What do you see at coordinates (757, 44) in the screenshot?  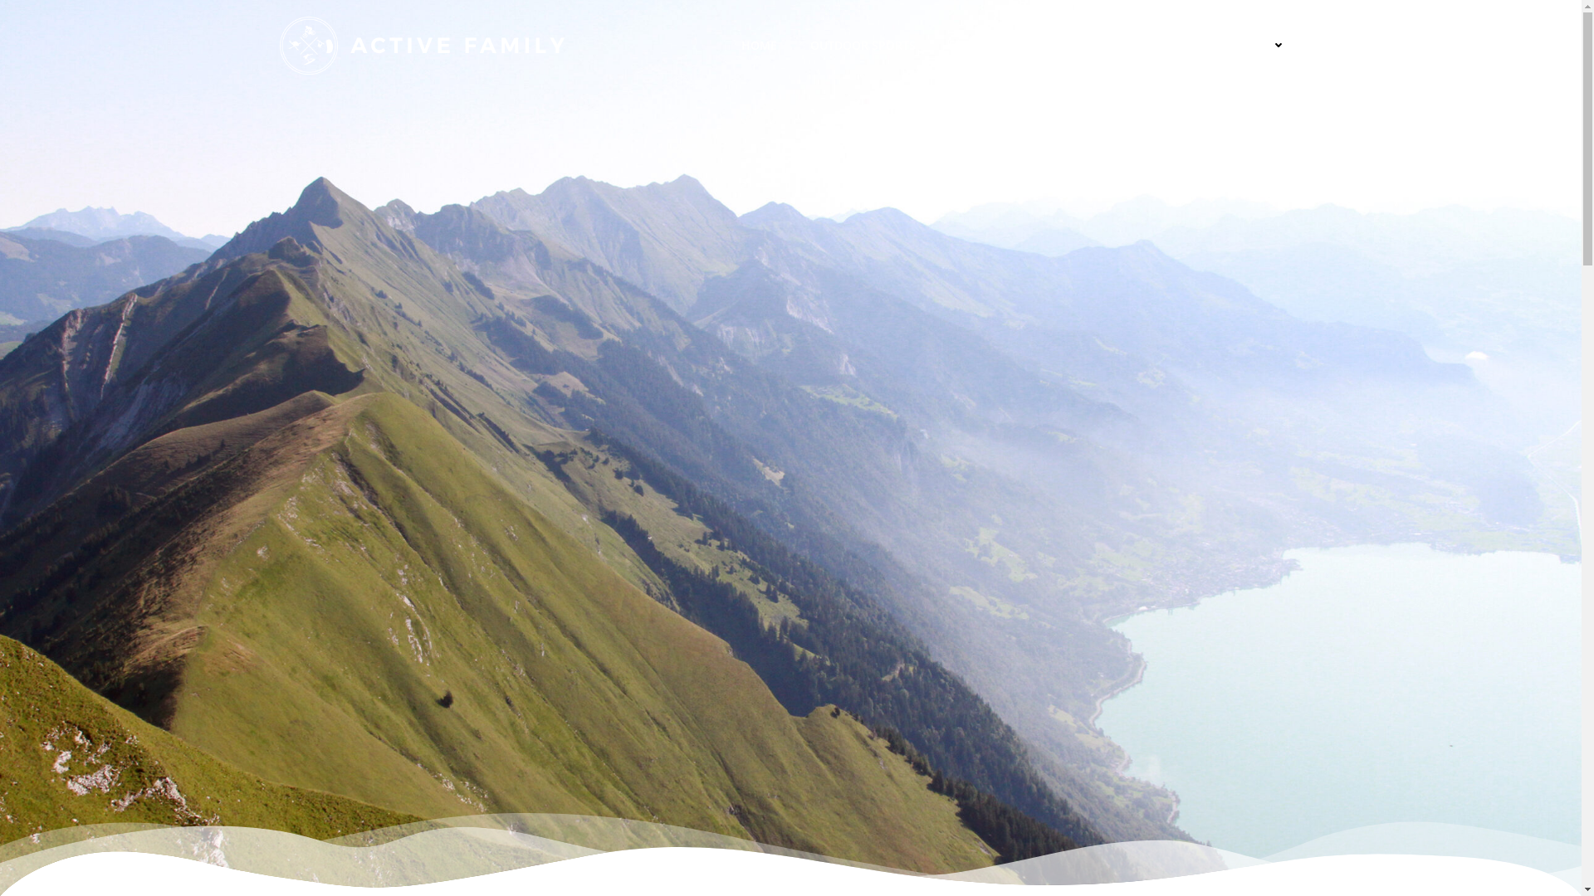 I see `'HOME'` at bounding box center [757, 44].